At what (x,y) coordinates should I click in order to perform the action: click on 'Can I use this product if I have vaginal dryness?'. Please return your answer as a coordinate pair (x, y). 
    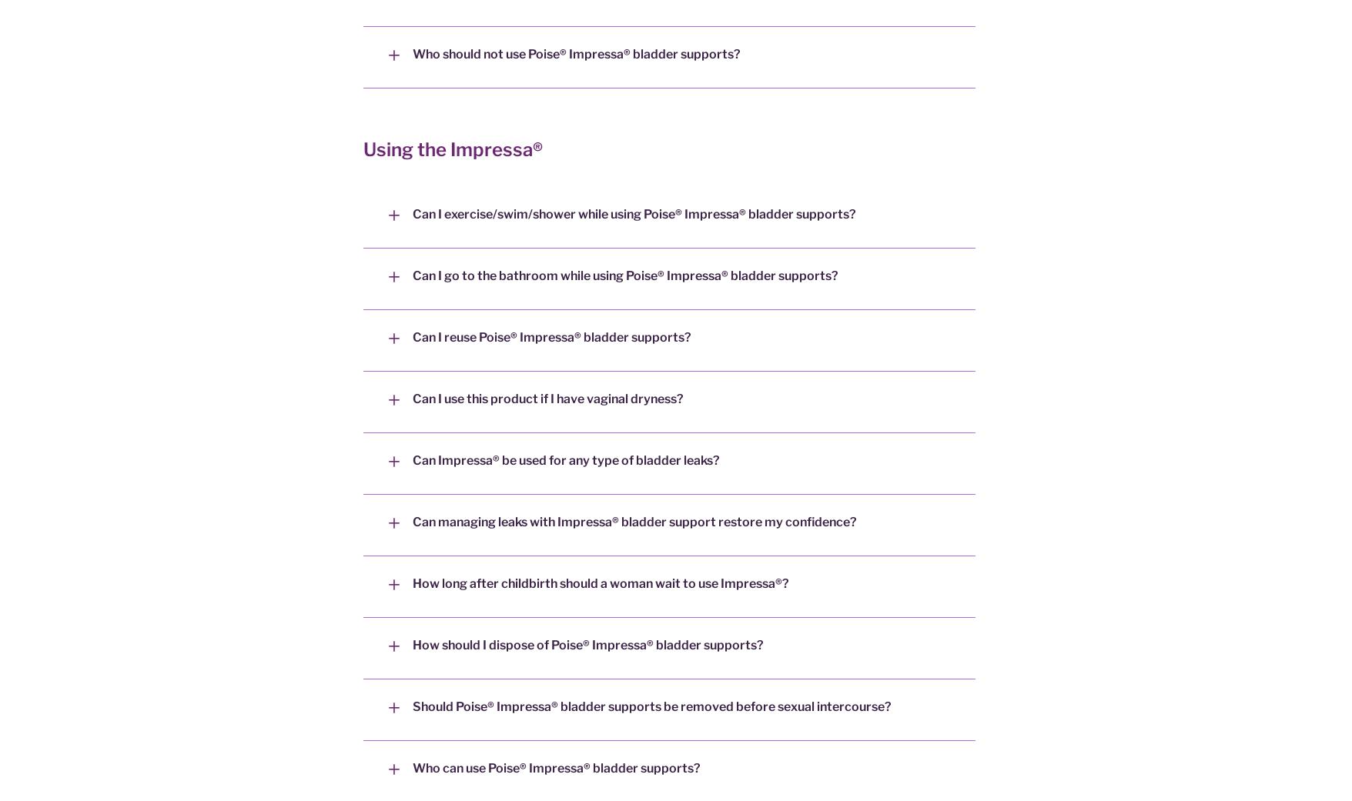
    Looking at the image, I should click on (548, 398).